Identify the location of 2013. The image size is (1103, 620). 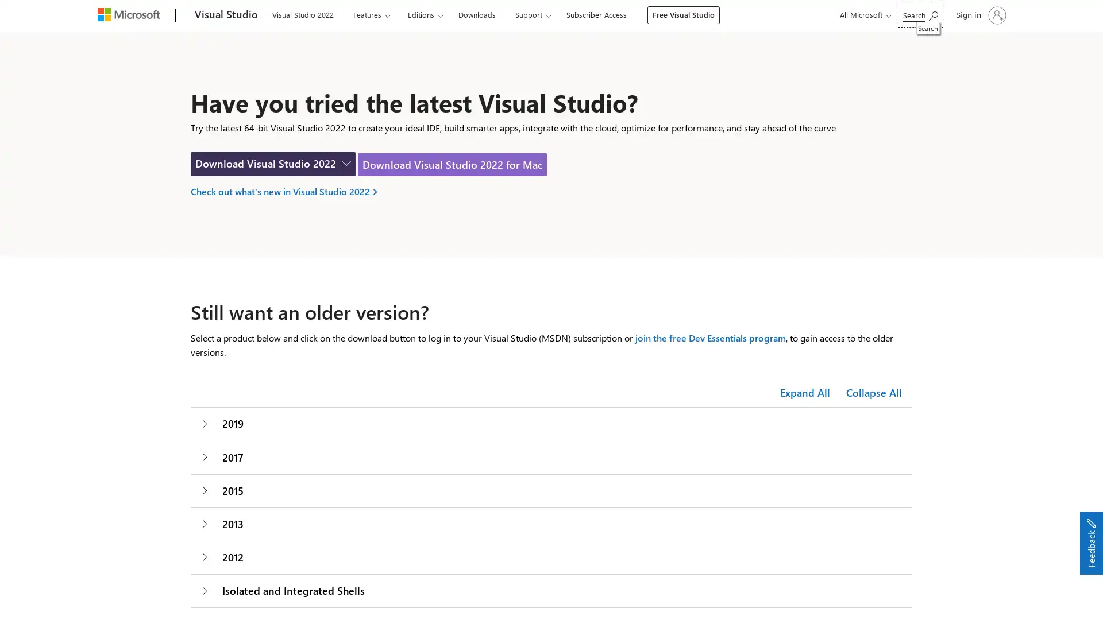
(551, 524).